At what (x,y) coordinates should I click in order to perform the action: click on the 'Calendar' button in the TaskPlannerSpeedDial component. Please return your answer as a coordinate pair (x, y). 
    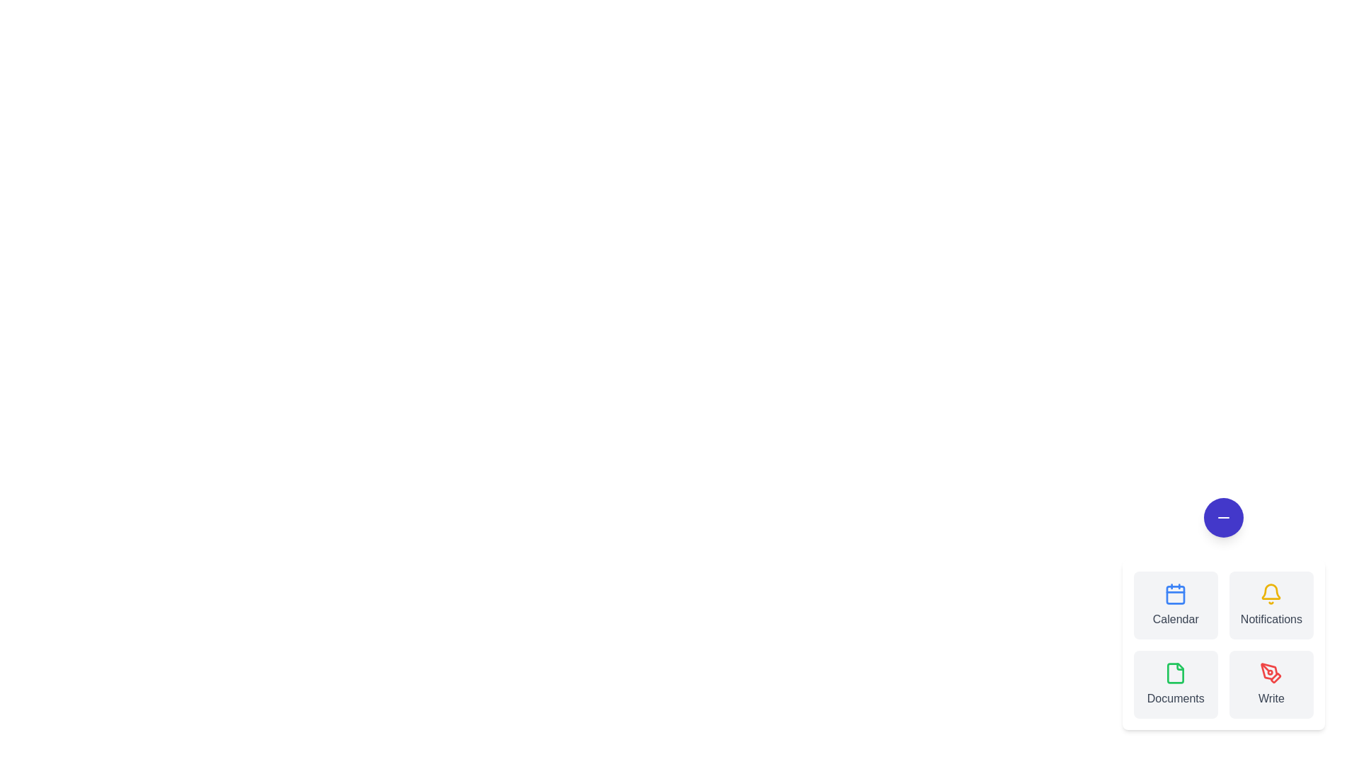
    Looking at the image, I should click on (1175, 605).